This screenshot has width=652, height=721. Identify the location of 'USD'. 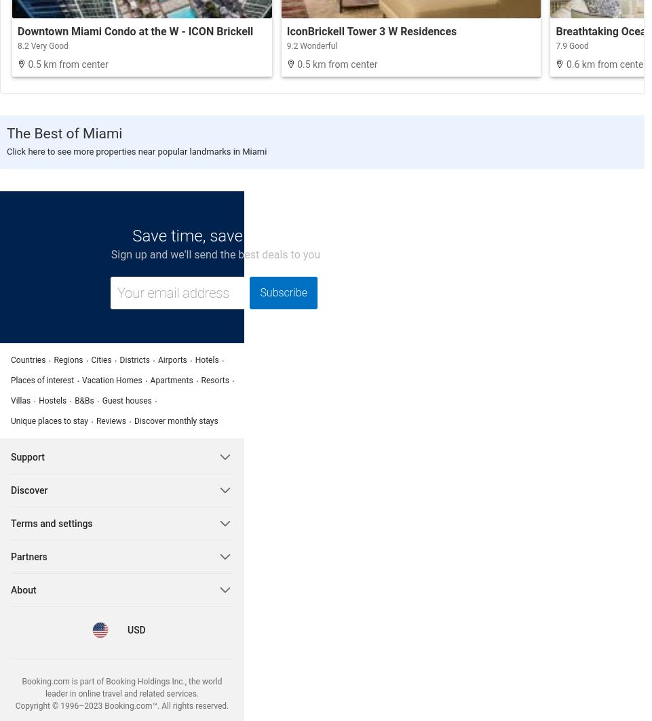
(127, 629).